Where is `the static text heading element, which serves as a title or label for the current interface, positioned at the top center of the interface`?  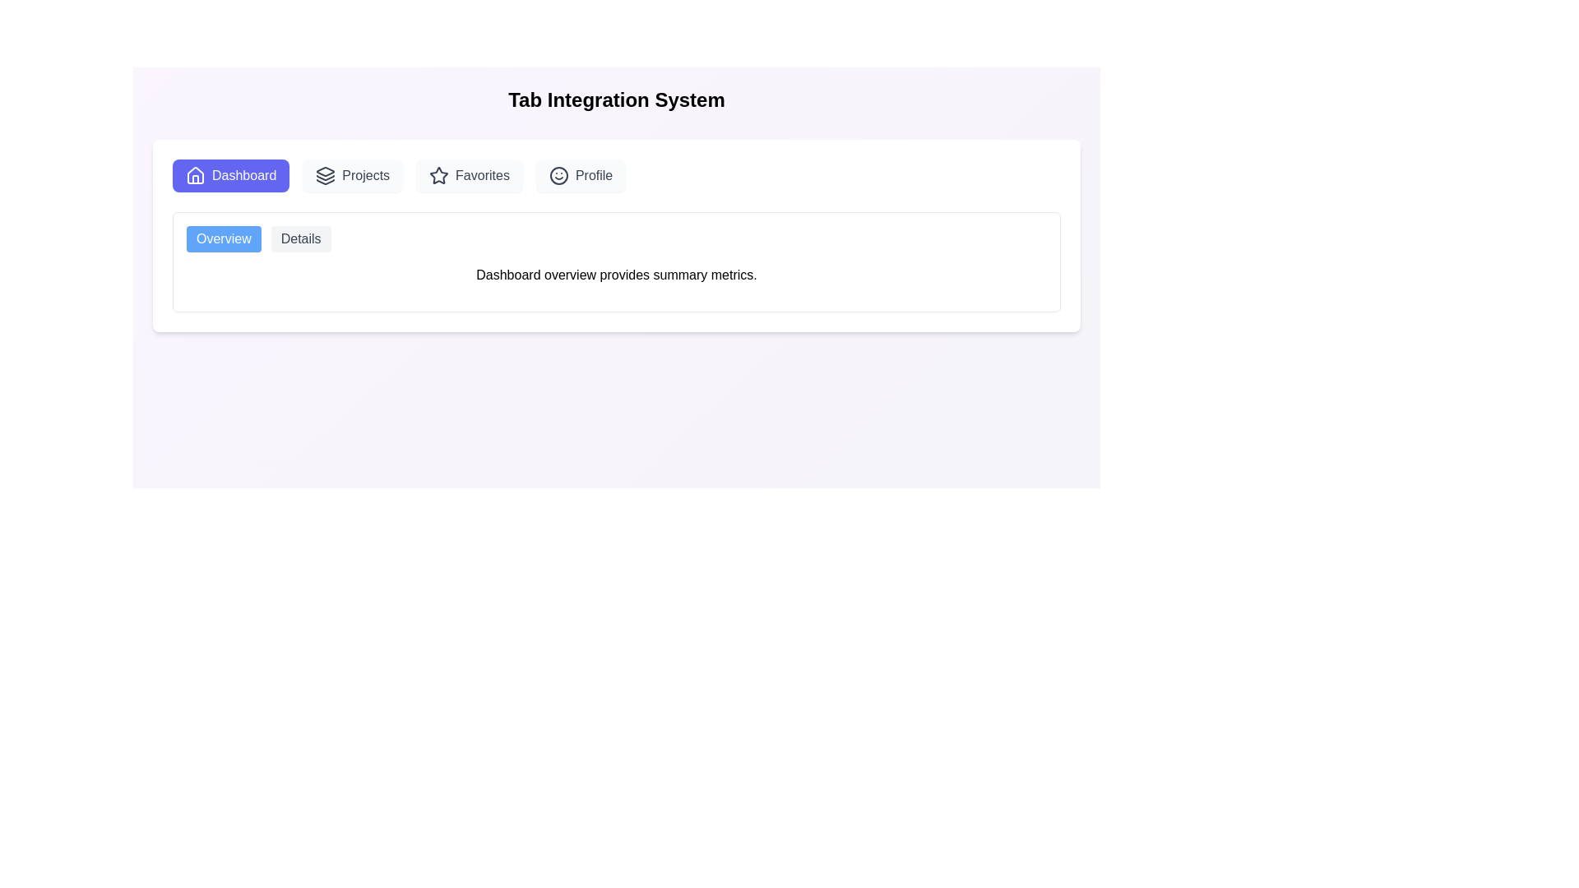
the static text heading element, which serves as a title or label for the current interface, positioned at the top center of the interface is located at coordinates (615, 100).